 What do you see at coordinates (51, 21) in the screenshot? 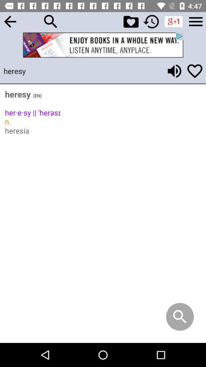
I see `search the option` at bounding box center [51, 21].